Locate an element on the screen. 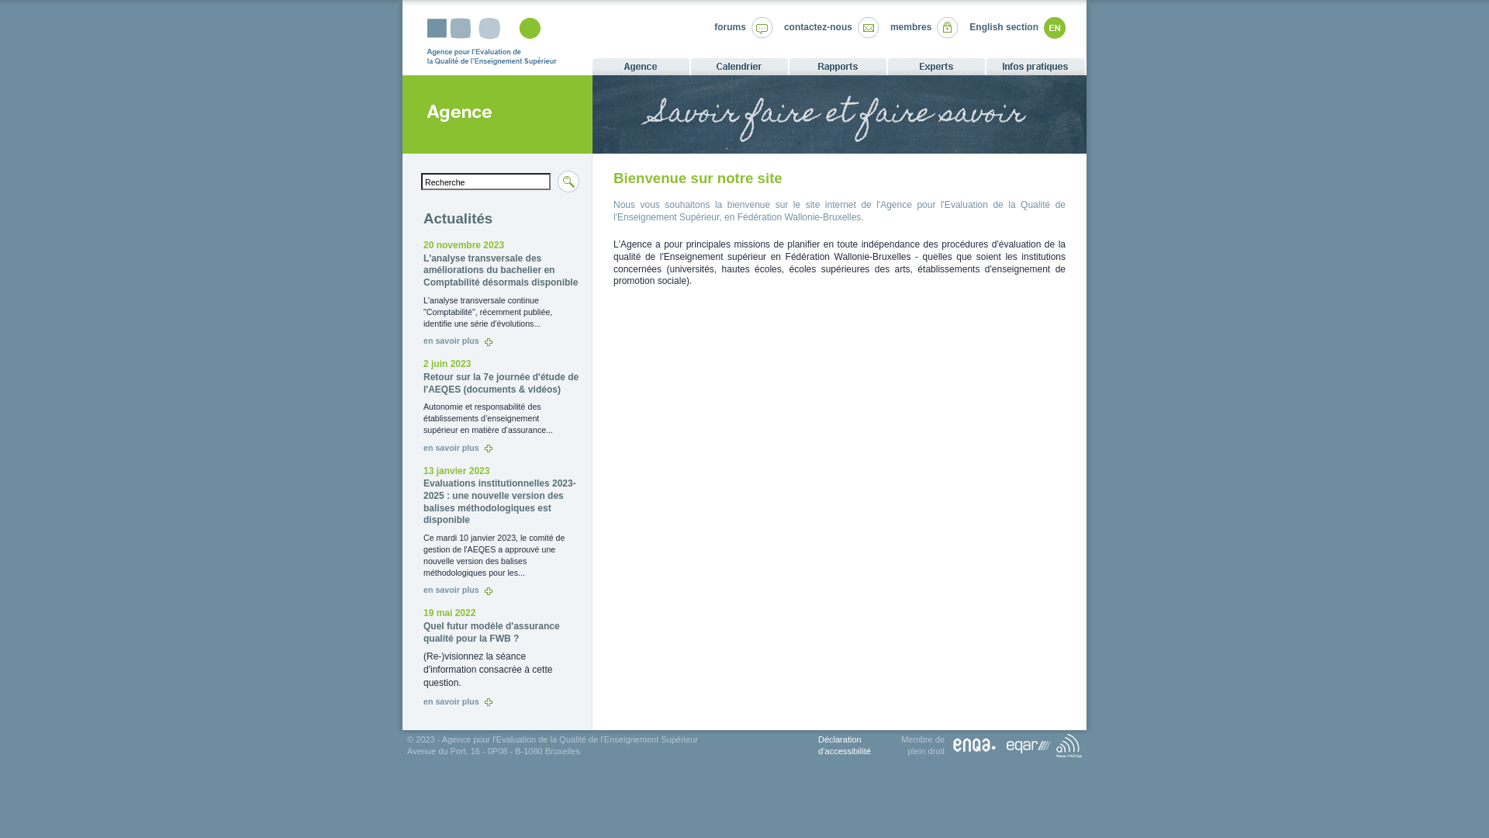  'en savoir plus' is located at coordinates (457, 701).